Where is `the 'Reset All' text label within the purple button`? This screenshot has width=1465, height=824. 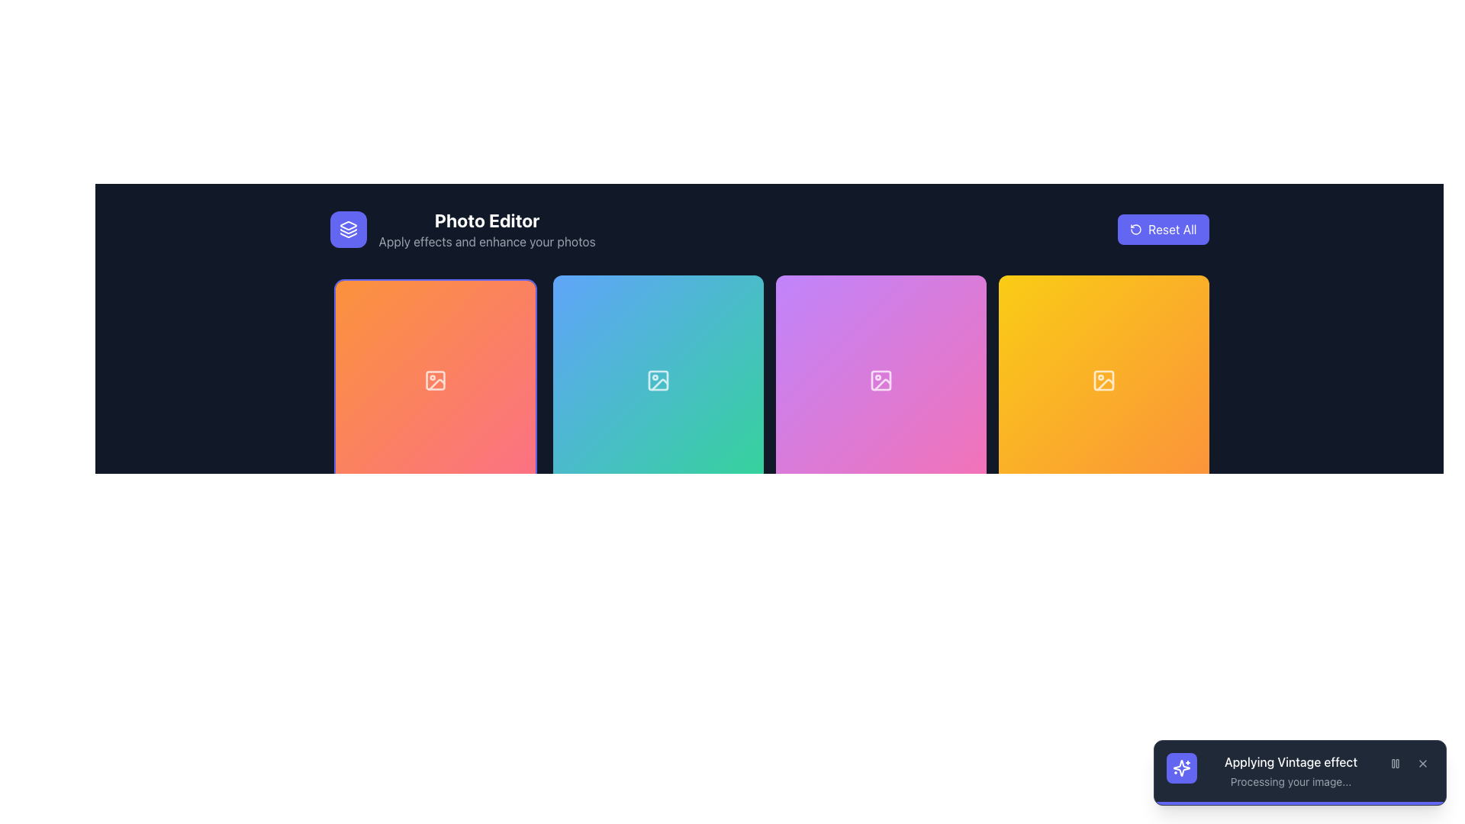 the 'Reset All' text label within the purple button is located at coordinates (1171, 229).